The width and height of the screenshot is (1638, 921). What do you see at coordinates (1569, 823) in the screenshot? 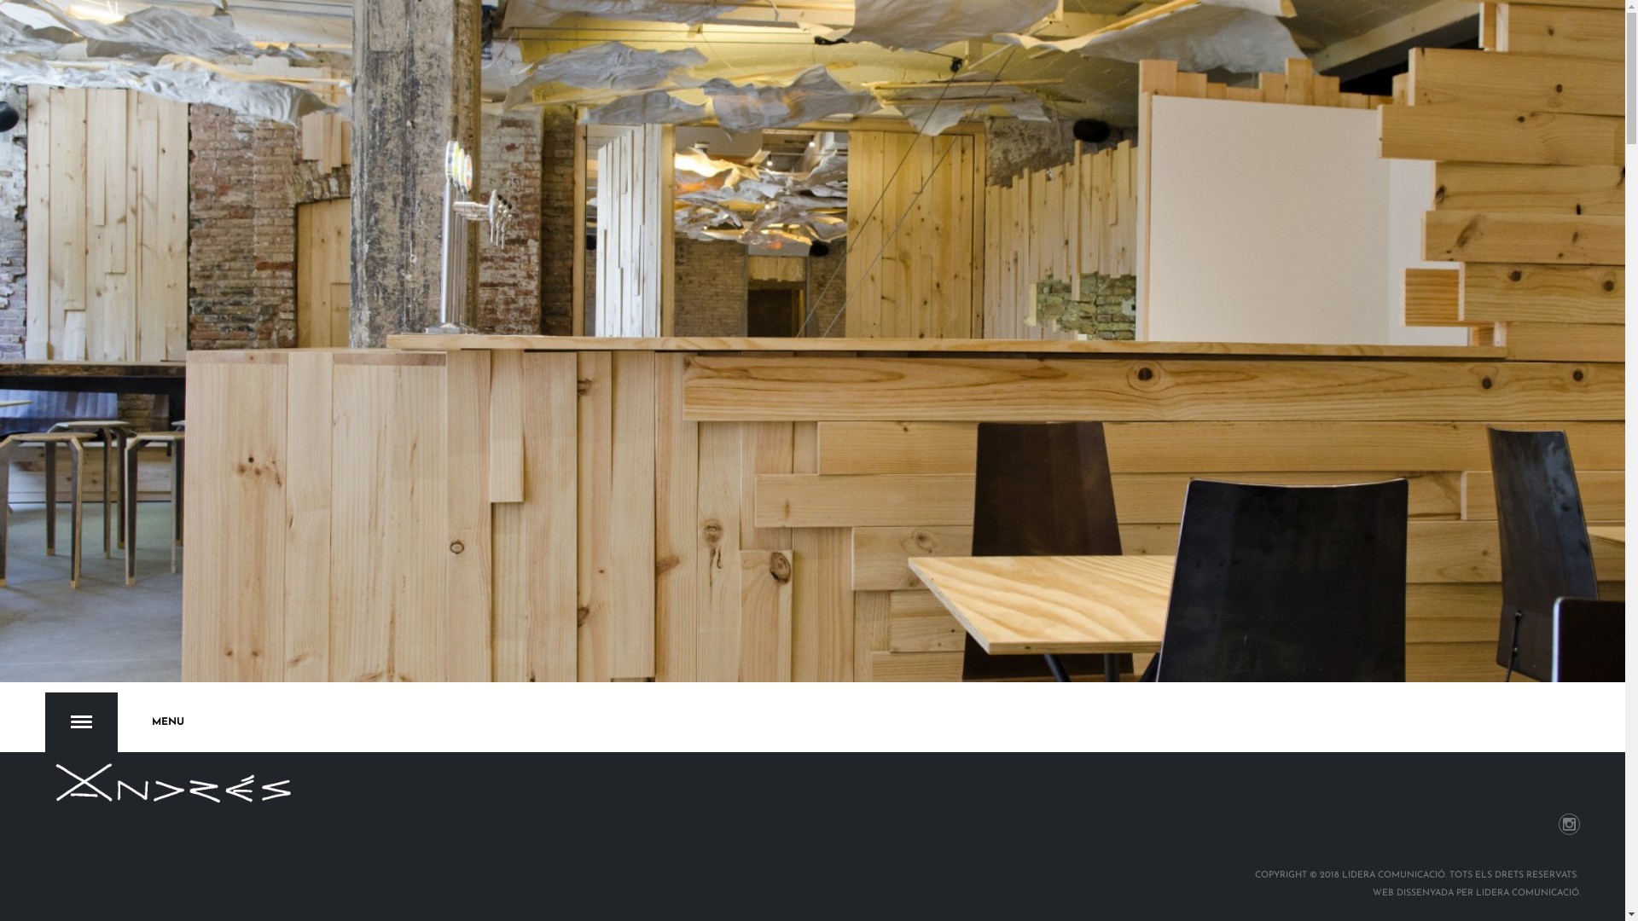
I see `'Instagram'` at bounding box center [1569, 823].